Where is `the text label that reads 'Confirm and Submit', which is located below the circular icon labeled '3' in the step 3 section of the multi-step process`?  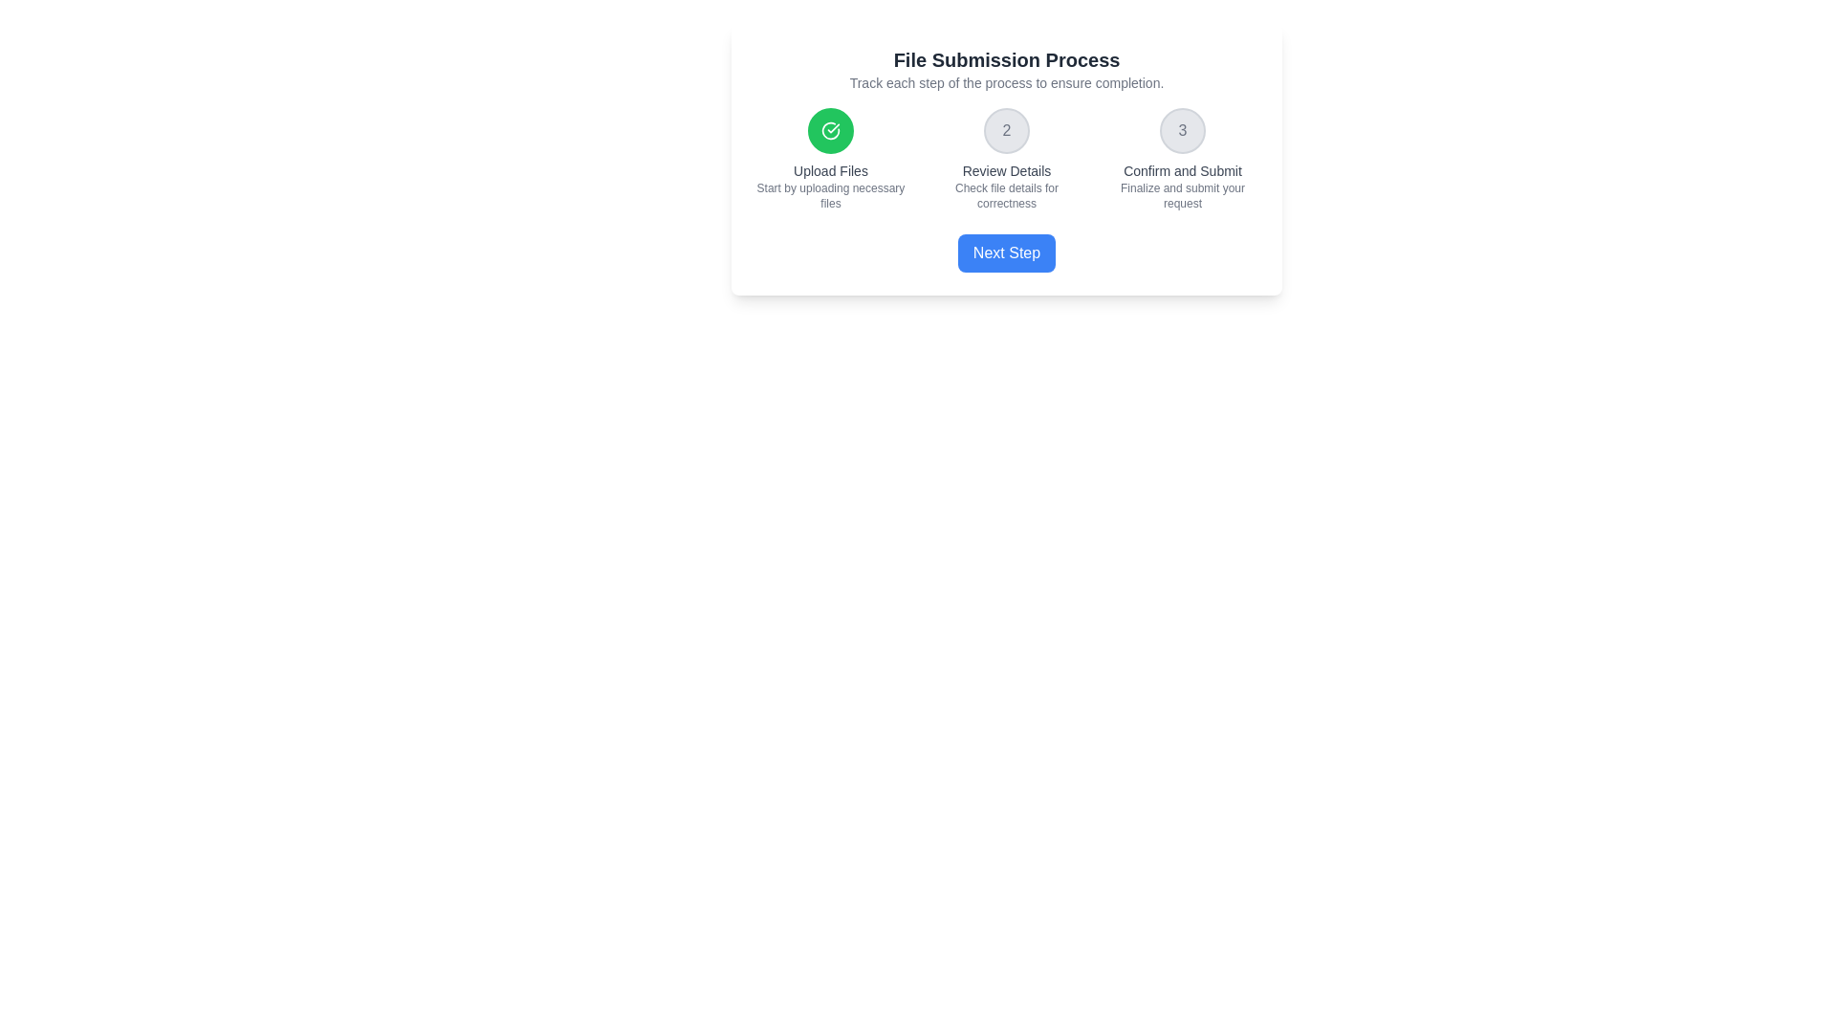 the text label that reads 'Confirm and Submit', which is located below the circular icon labeled '3' in the step 3 section of the multi-step process is located at coordinates (1182, 169).